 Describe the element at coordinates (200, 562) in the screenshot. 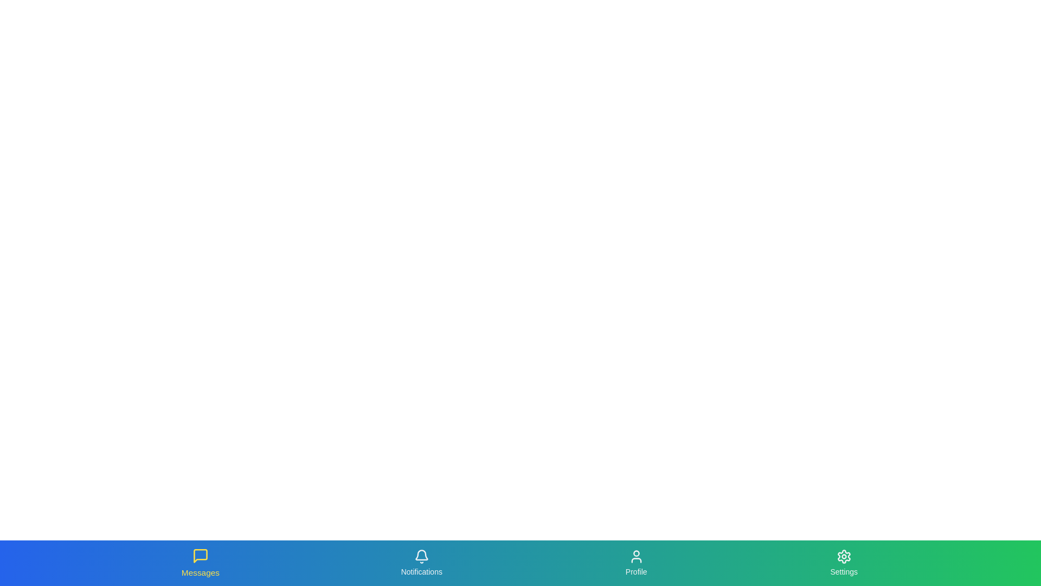

I see `the Messages tab to interact with it` at that location.